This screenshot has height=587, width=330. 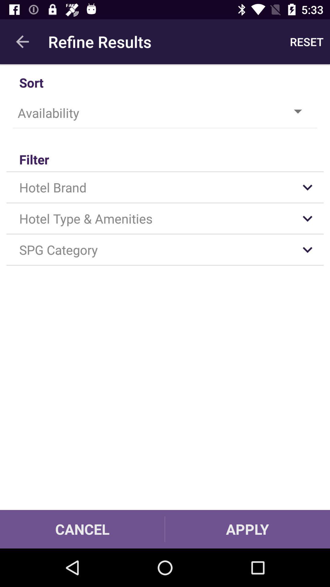 I want to click on item above sort, so click(x=306, y=41).